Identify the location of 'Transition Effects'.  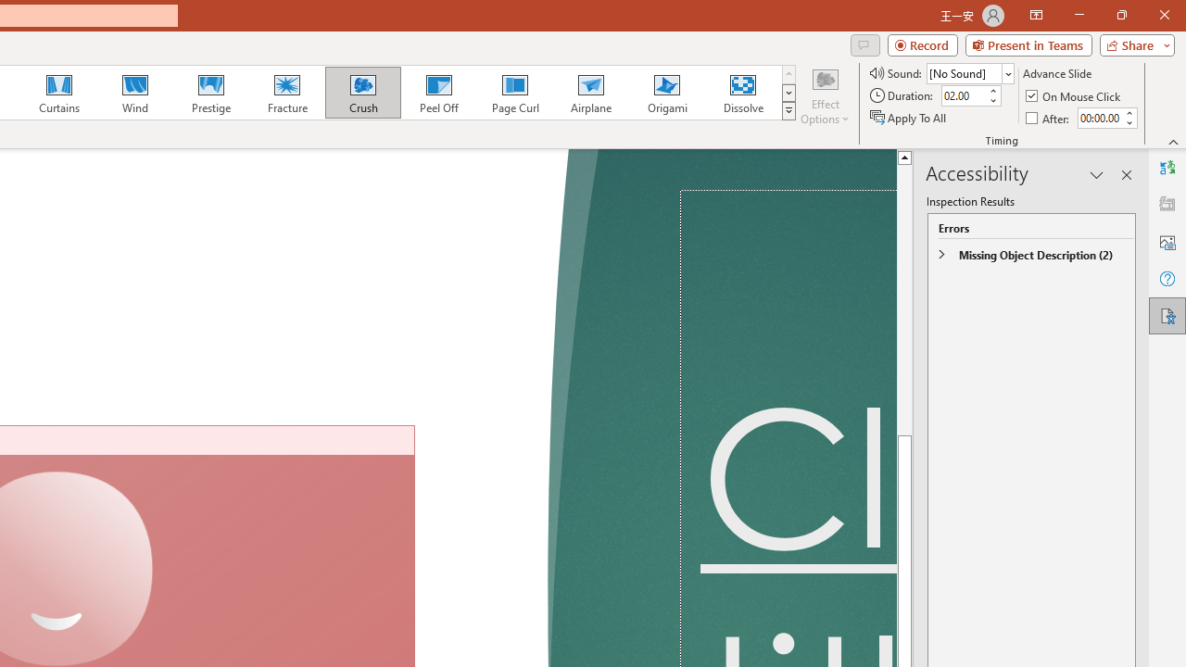
(789, 111).